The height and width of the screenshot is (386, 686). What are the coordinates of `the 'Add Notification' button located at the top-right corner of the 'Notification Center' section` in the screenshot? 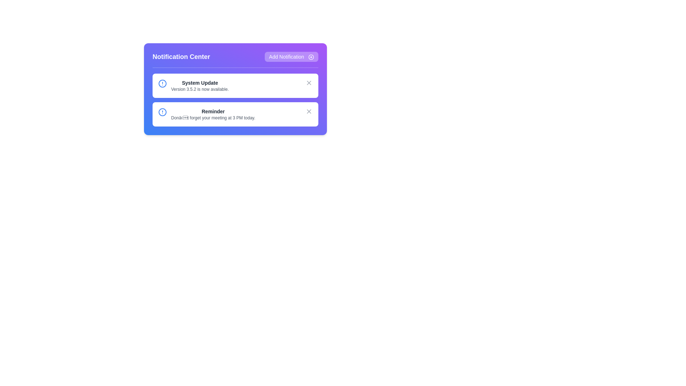 It's located at (292, 56).